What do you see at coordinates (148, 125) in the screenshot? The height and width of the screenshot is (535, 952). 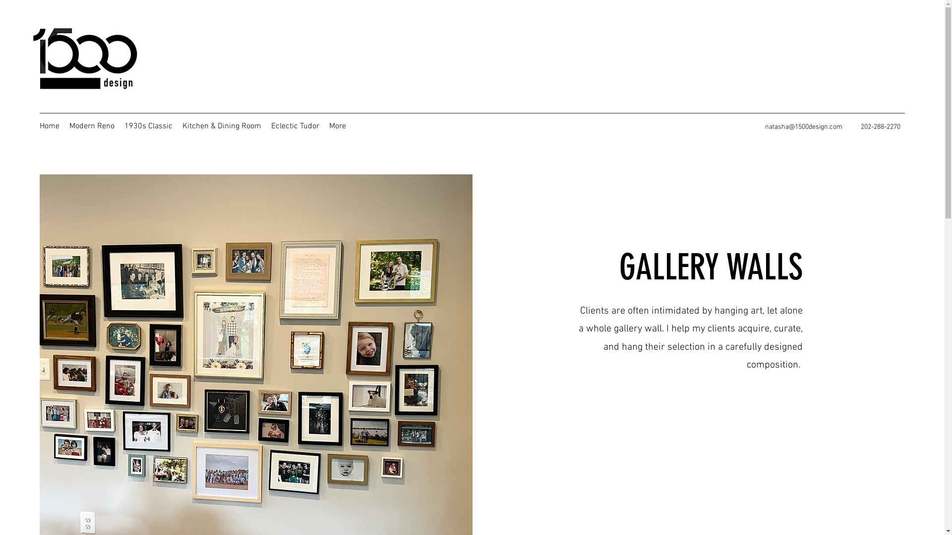 I see `'1930s Classic'` at bounding box center [148, 125].